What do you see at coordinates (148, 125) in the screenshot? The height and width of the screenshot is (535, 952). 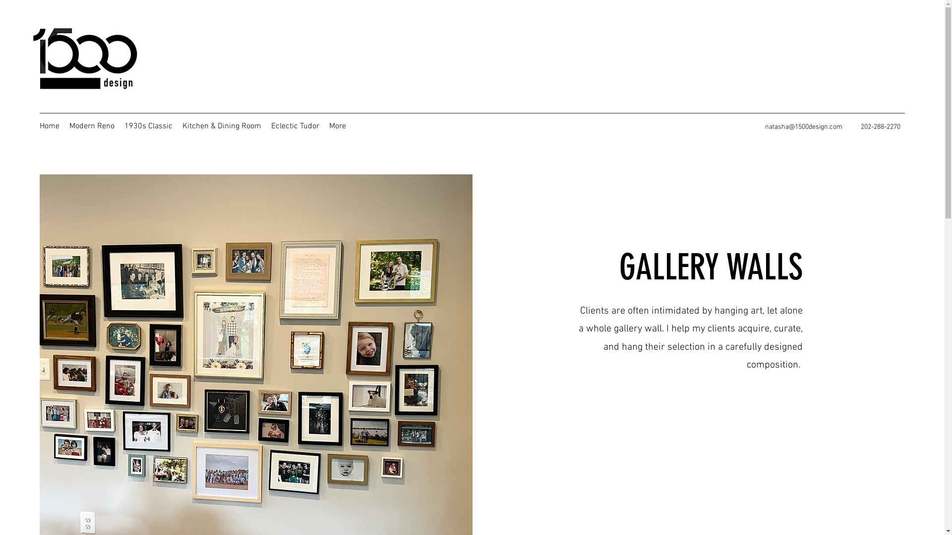 I see `'1930s Classic'` at bounding box center [148, 125].